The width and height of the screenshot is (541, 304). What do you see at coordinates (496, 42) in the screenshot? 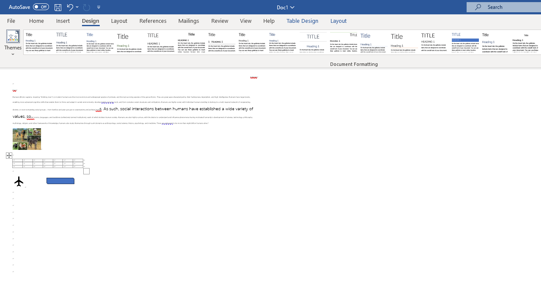
I see `'Word'` at bounding box center [496, 42].